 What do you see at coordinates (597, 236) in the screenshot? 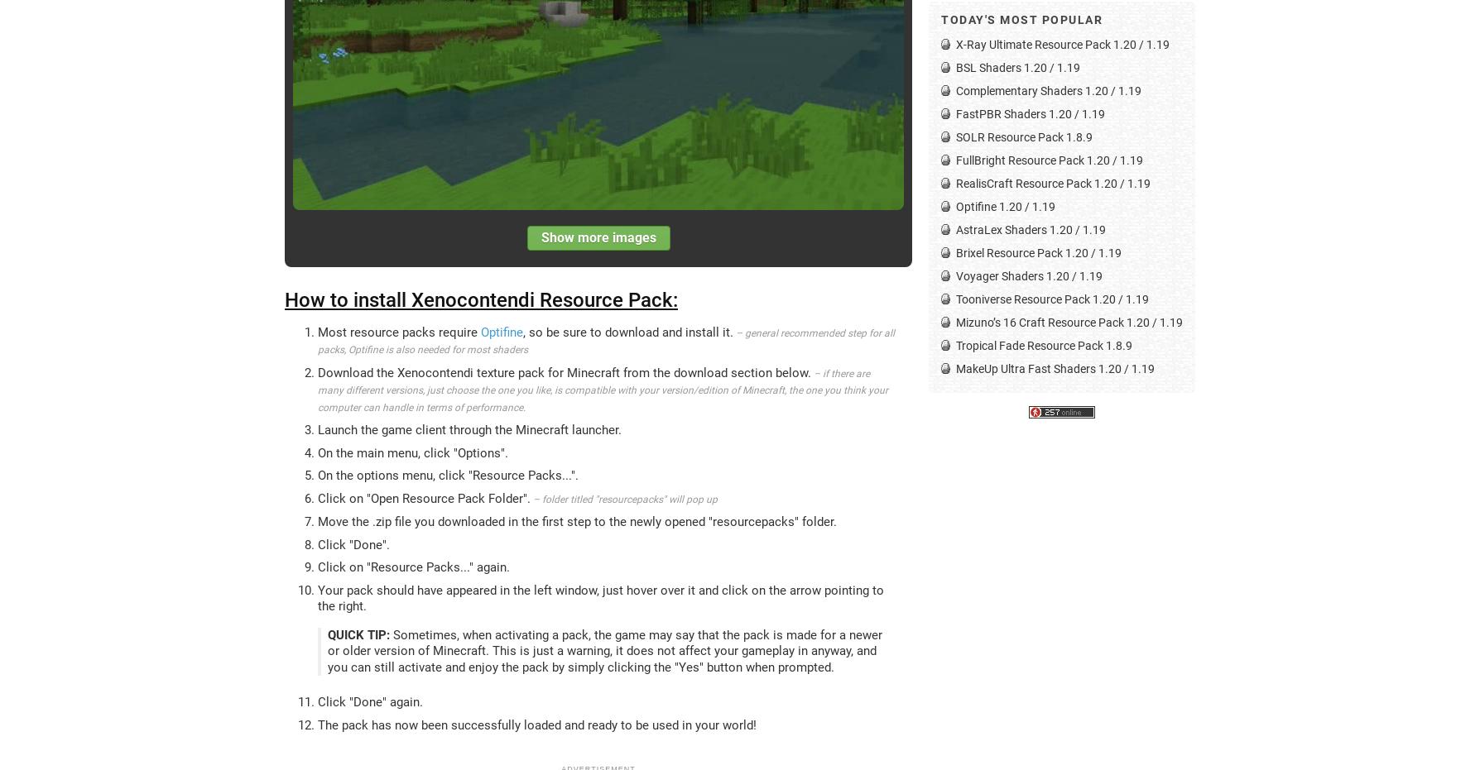
I see `'Show more images'` at bounding box center [597, 236].